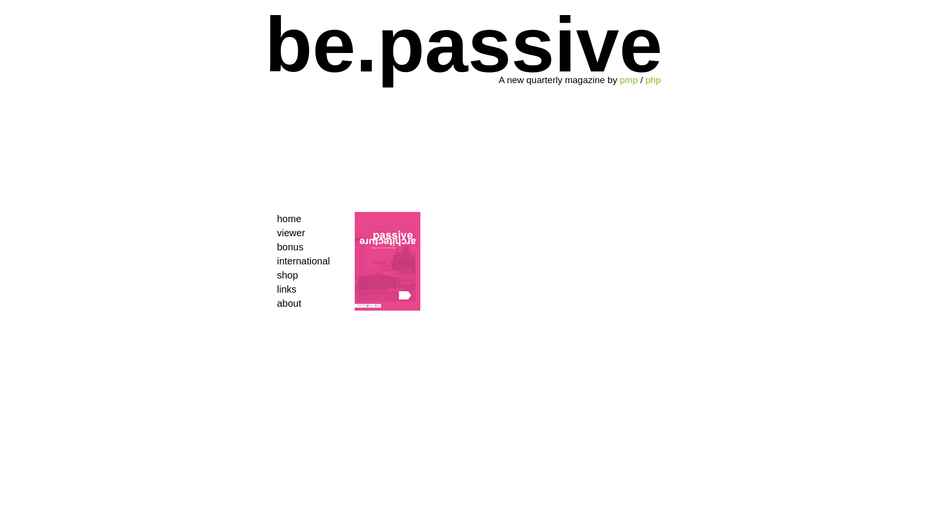  What do you see at coordinates (653, 79) in the screenshot?
I see `'php'` at bounding box center [653, 79].